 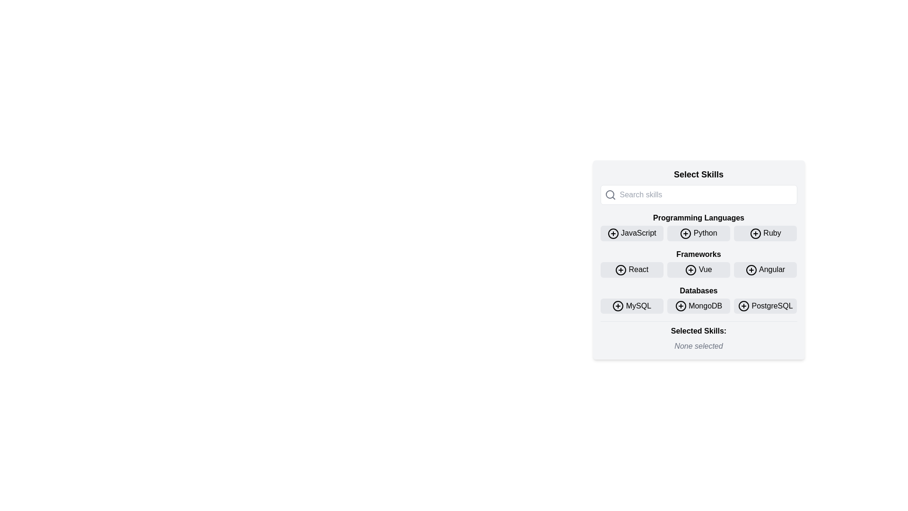 I want to click on the SVG graphical circle element with a 10-unit radius, located centrally in the second row and second column of the Programming Languages grid, so click(x=686, y=233).